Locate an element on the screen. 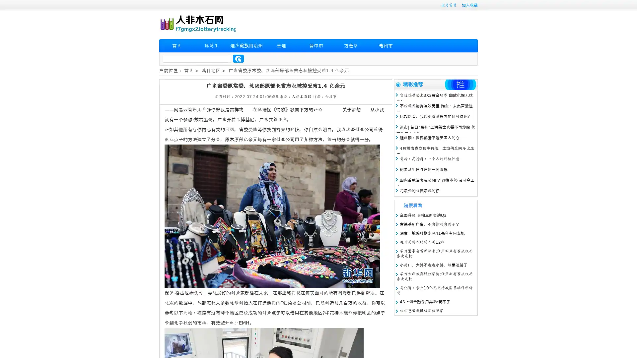 Image resolution: width=637 pixels, height=358 pixels. Search is located at coordinates (238, 58).